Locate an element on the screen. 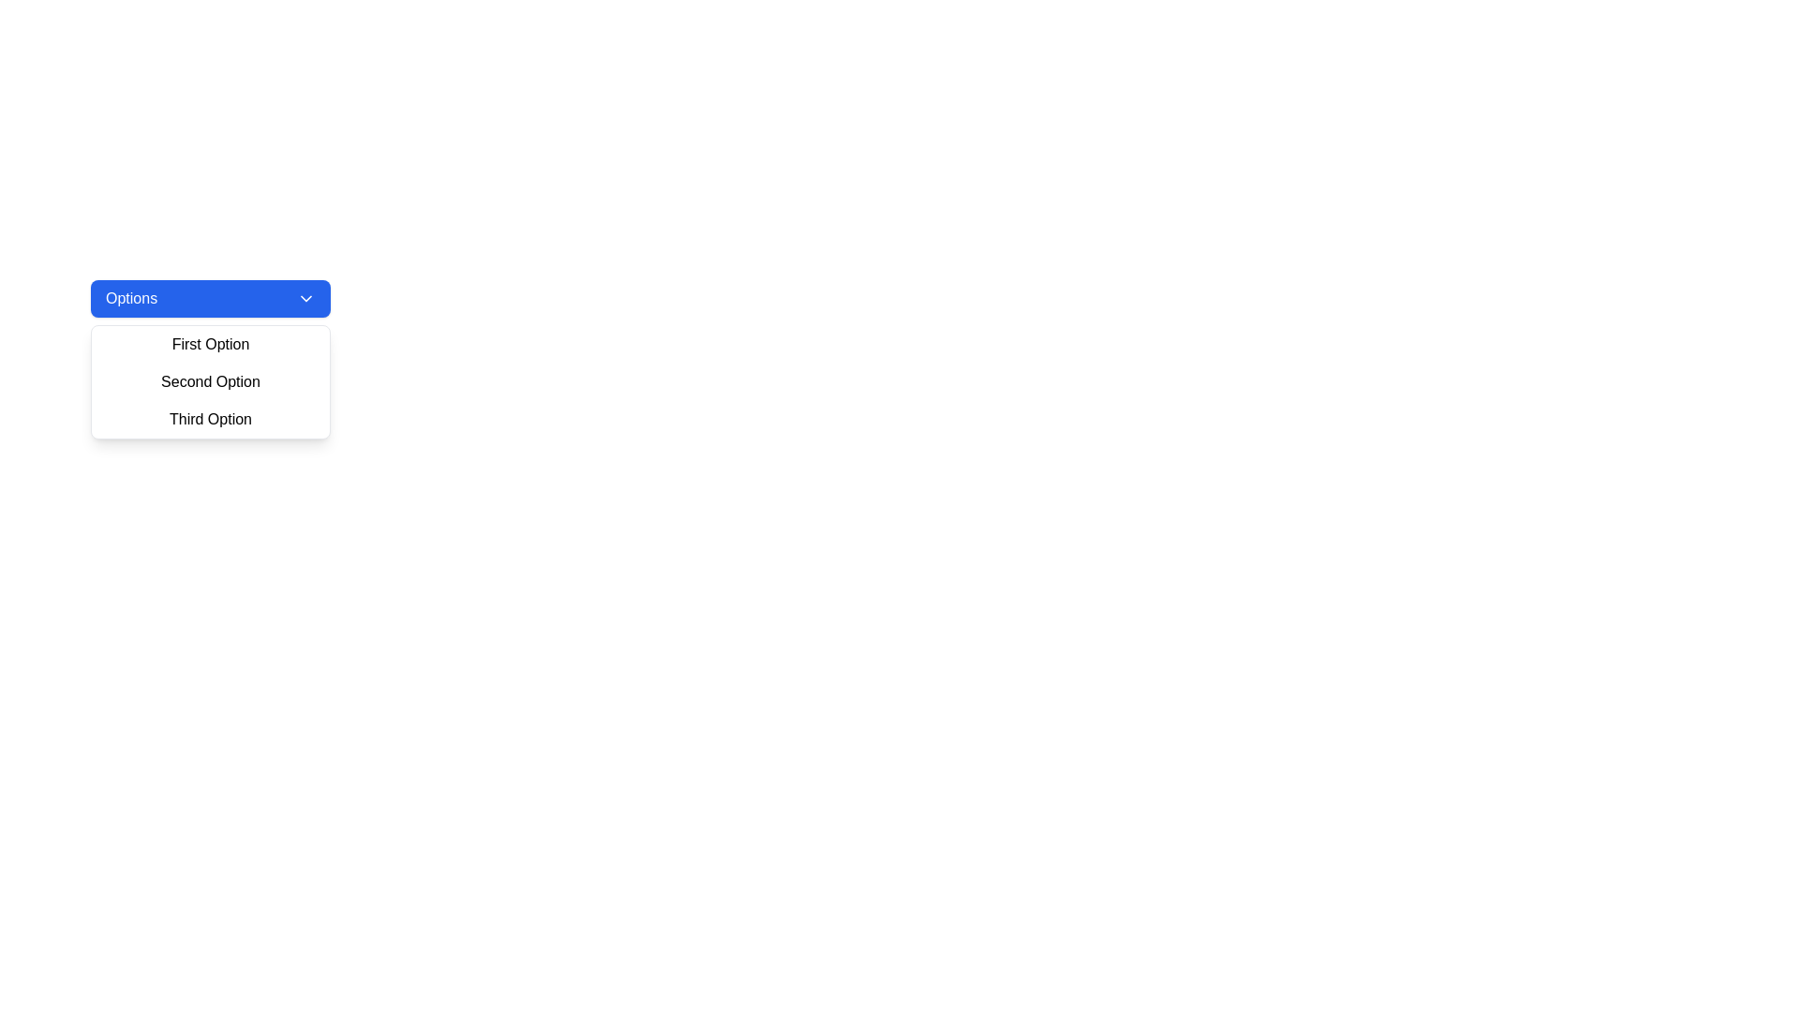 The width and height of the screenshot is (1799, 1012). the SVG icon on the right end of the blue button labeled 'Options', which indicates that additional options or a dropdown menu can be revealed is located at coordinates (305, 298).